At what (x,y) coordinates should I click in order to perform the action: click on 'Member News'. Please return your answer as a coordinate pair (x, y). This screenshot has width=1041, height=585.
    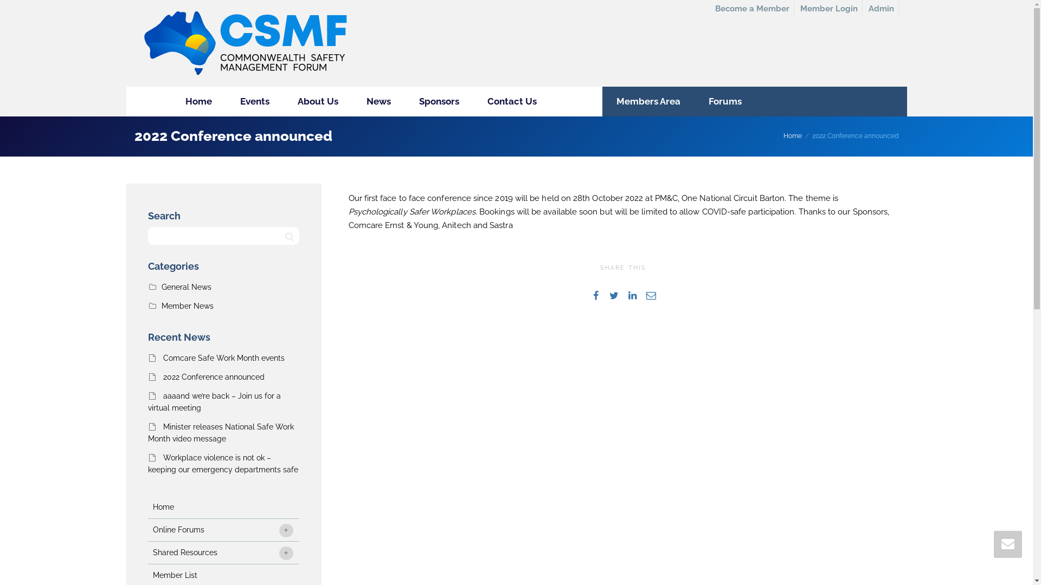
    Looking at the image, I should click on (187, 305).